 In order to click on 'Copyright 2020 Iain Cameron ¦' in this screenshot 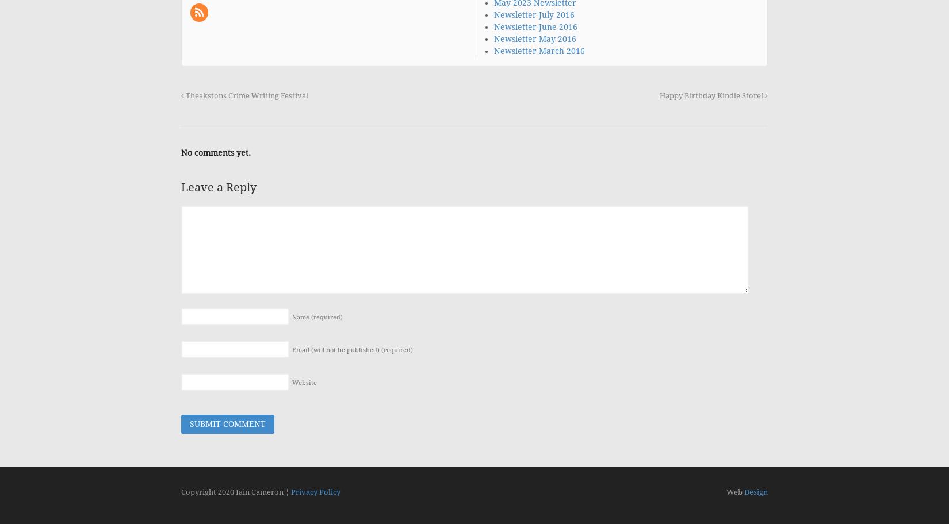, I will do `click(236, 491)`.